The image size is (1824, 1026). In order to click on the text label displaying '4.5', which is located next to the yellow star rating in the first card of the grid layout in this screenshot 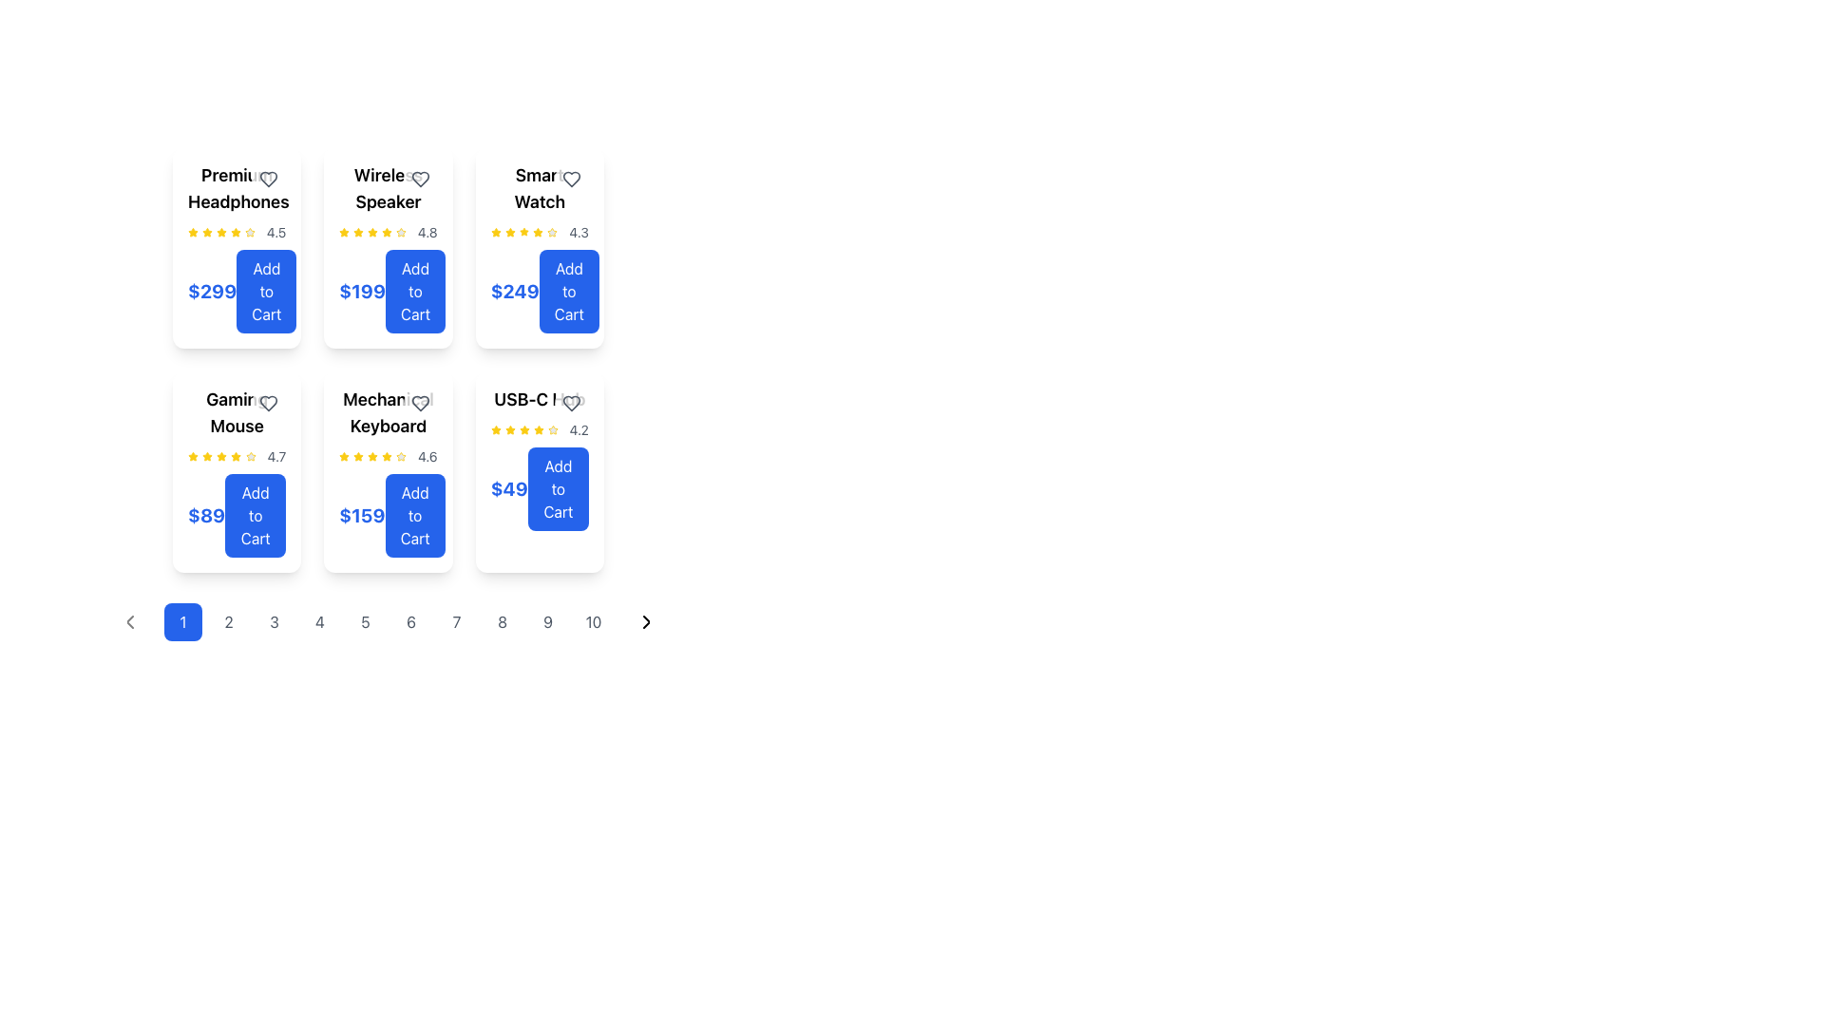, I will do `click(275, 232)`.